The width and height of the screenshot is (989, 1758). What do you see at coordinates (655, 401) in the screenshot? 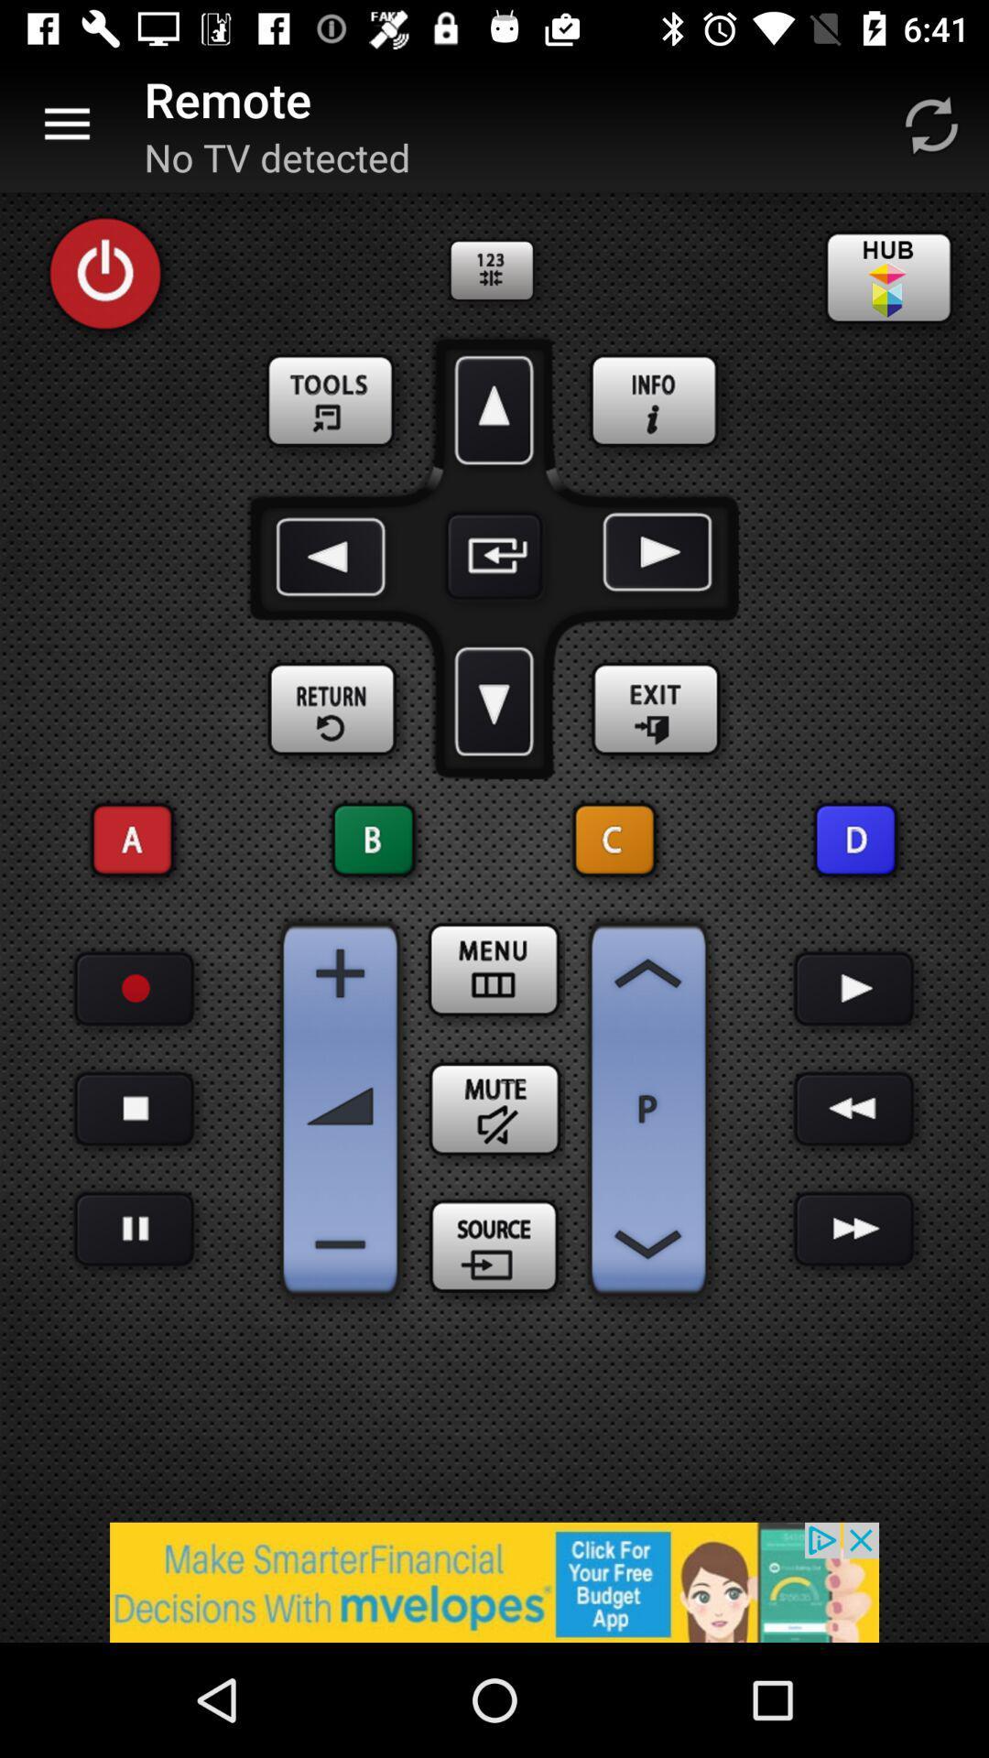
I see `show more info` at bounding box center [655, 401].